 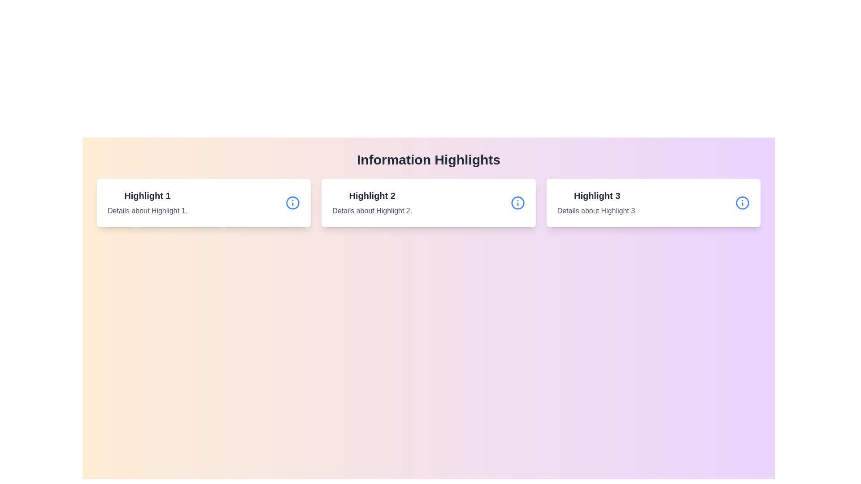 What do you see at coordinates (597, 203) in the screenshot?
I see `title and description of the third highlight card in the series, which is located between 'Highlight 2' and an informational icon` at bounding box center [597, 203].